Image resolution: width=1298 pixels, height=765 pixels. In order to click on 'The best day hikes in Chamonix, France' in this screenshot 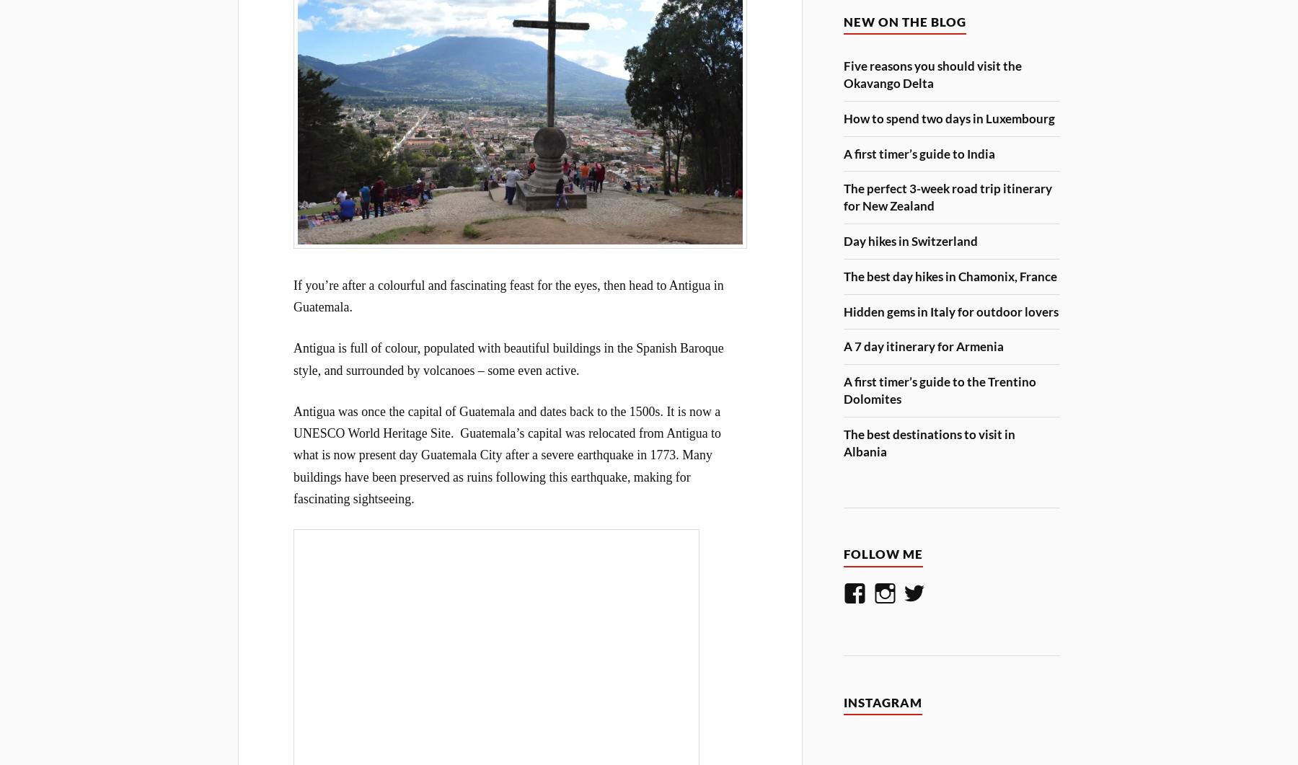, I will do `click(950, 275)`.